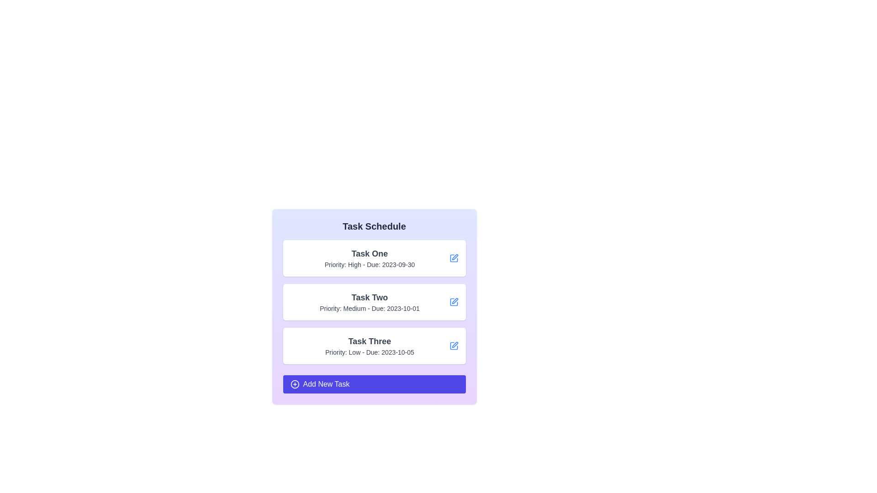 This screenshot has width=877, height=493. Describe the element at coordinates (374, 302) in the screenshot. I see `the task item Task Two to highlight it` at that location.